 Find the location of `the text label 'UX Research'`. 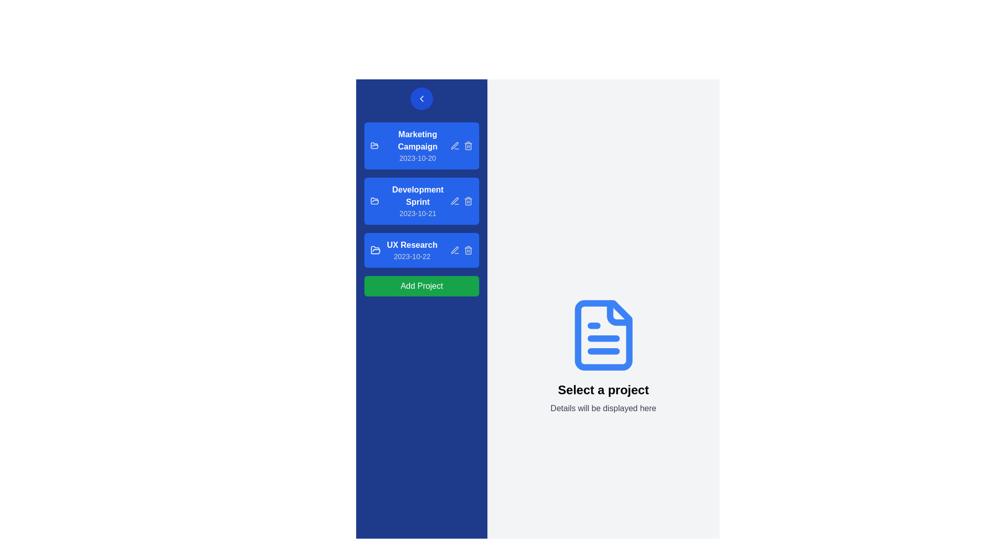

the text label 'UX Research' is located at coordinates (412, 245).